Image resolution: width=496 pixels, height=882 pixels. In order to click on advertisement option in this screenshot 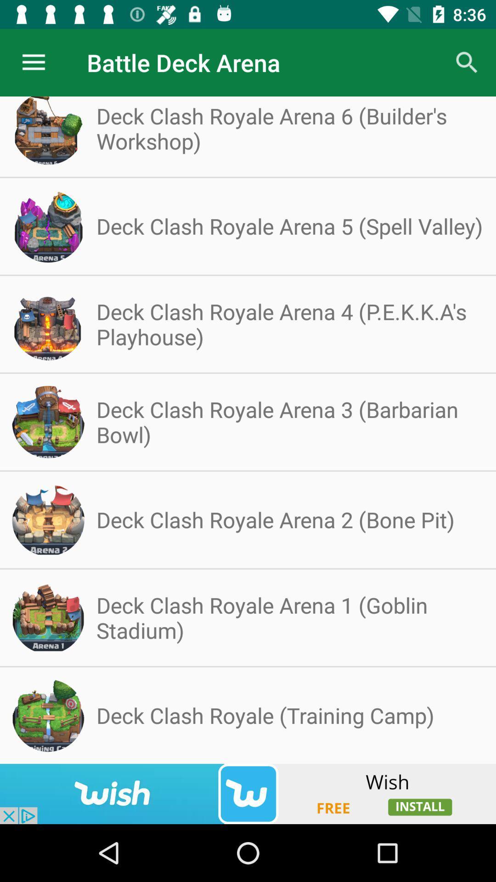, I will do `click(248, 793)`.